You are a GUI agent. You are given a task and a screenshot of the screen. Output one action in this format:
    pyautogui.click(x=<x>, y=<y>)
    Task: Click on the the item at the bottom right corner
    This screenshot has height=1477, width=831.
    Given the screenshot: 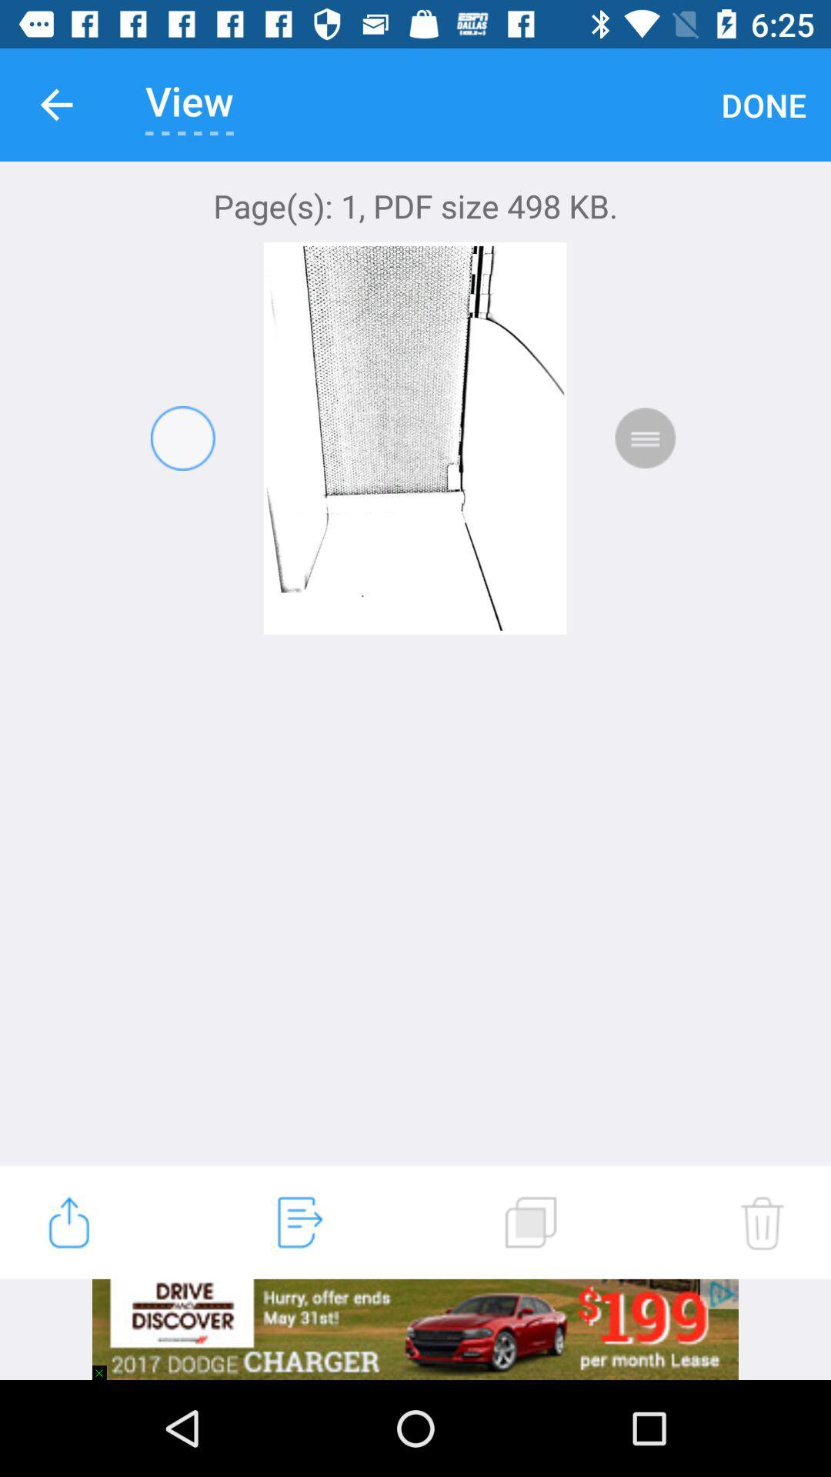 What is the action you would take?
    pyautogui.click(x=762, y=1222)
    